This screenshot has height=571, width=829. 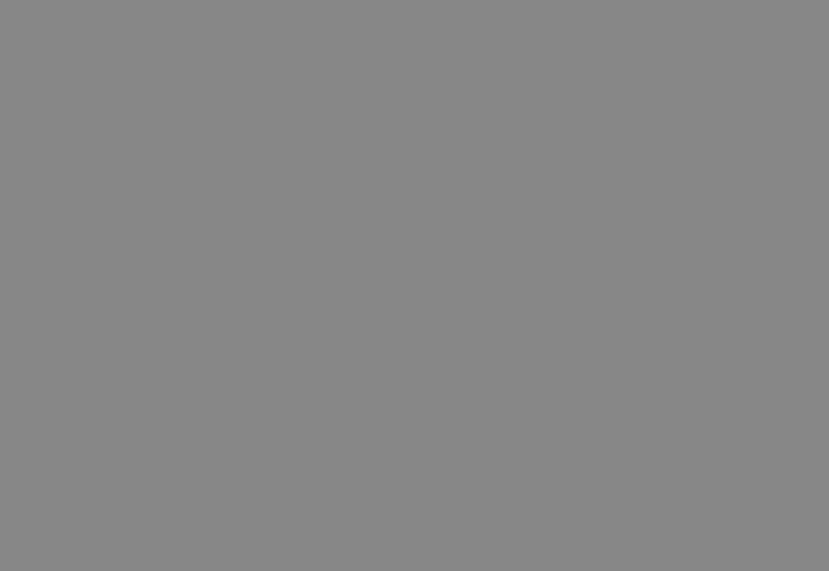 I want to click on 'Change cookie settings to load video. Allow marketing cookies.', so click(x=286, y=463).